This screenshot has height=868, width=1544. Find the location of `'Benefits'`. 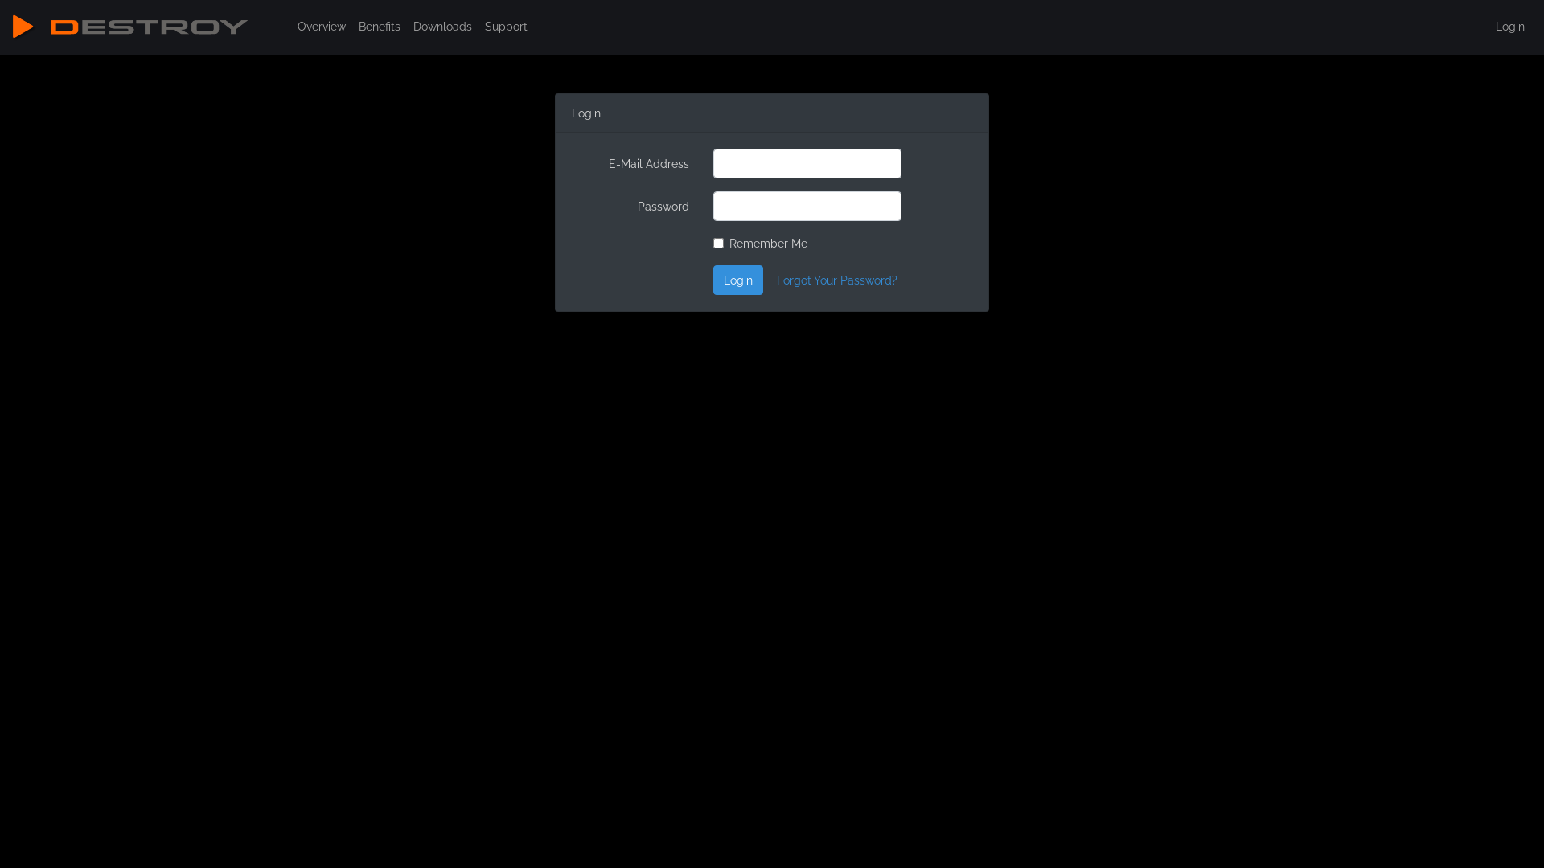

'Benefits' is located at coordinates (378, 26).